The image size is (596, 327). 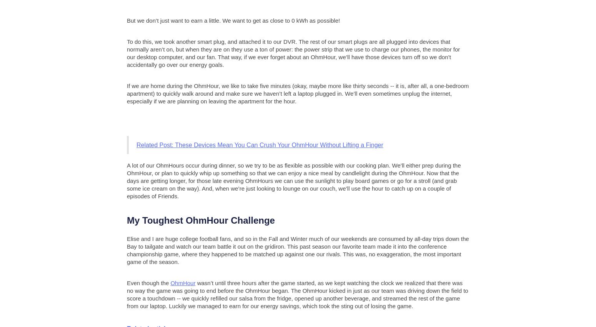 What do you see at coordinates (182, 282) in the screenshot?
I see `'OhmHour'` at bounding box center [182, 282].